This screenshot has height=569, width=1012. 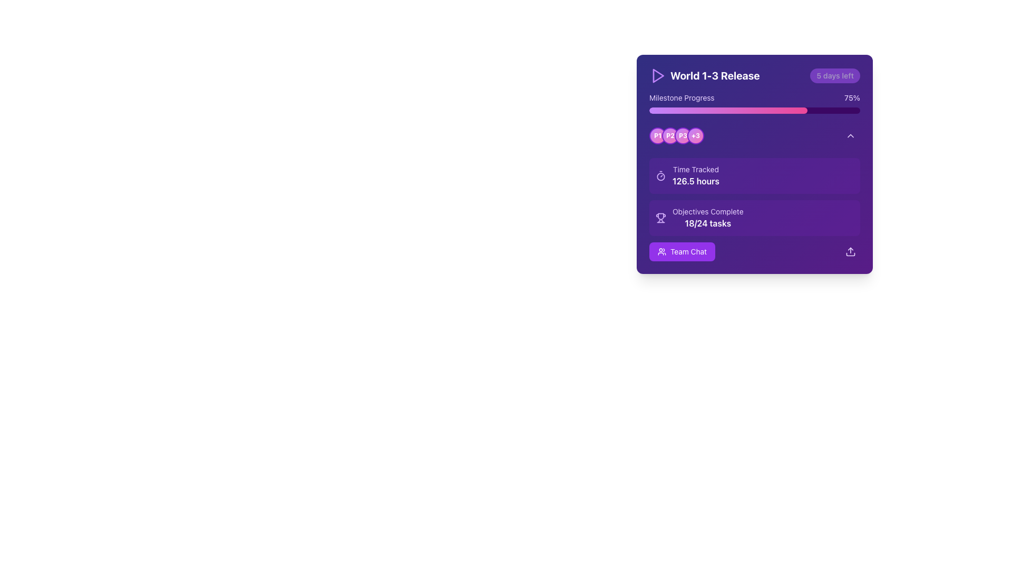 What do you see at coordinates (696, 175) in the screenshot?
I see `the informational Label/Text Pair that summarizes time spent tracked towards a specific goal, positioned beneath a stopwatch icon and above 'Objectives Complete'` at bounding box center [696, 175].